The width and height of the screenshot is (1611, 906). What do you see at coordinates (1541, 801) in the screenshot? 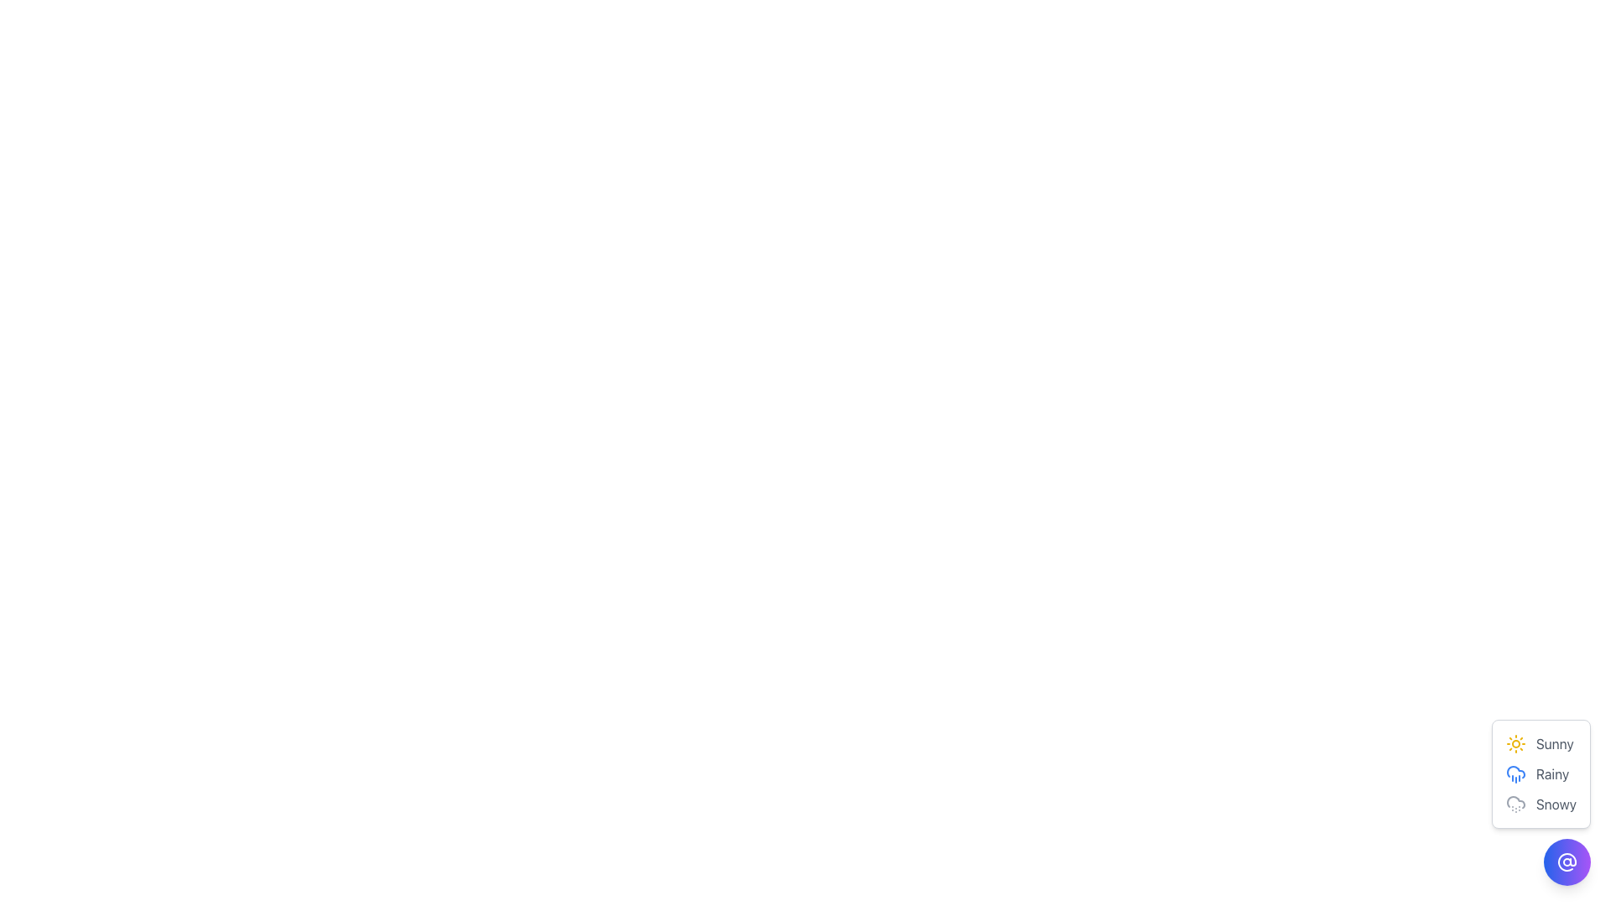
I see `the list item labeled 'Snowy', which is represented by a gray cloud icon with snowflakes and is the third item in a vertical stack of weather options` at bounding box center [1541, 801].